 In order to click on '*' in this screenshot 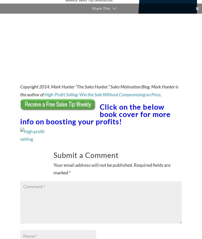, I will do `click(70, 173)`.